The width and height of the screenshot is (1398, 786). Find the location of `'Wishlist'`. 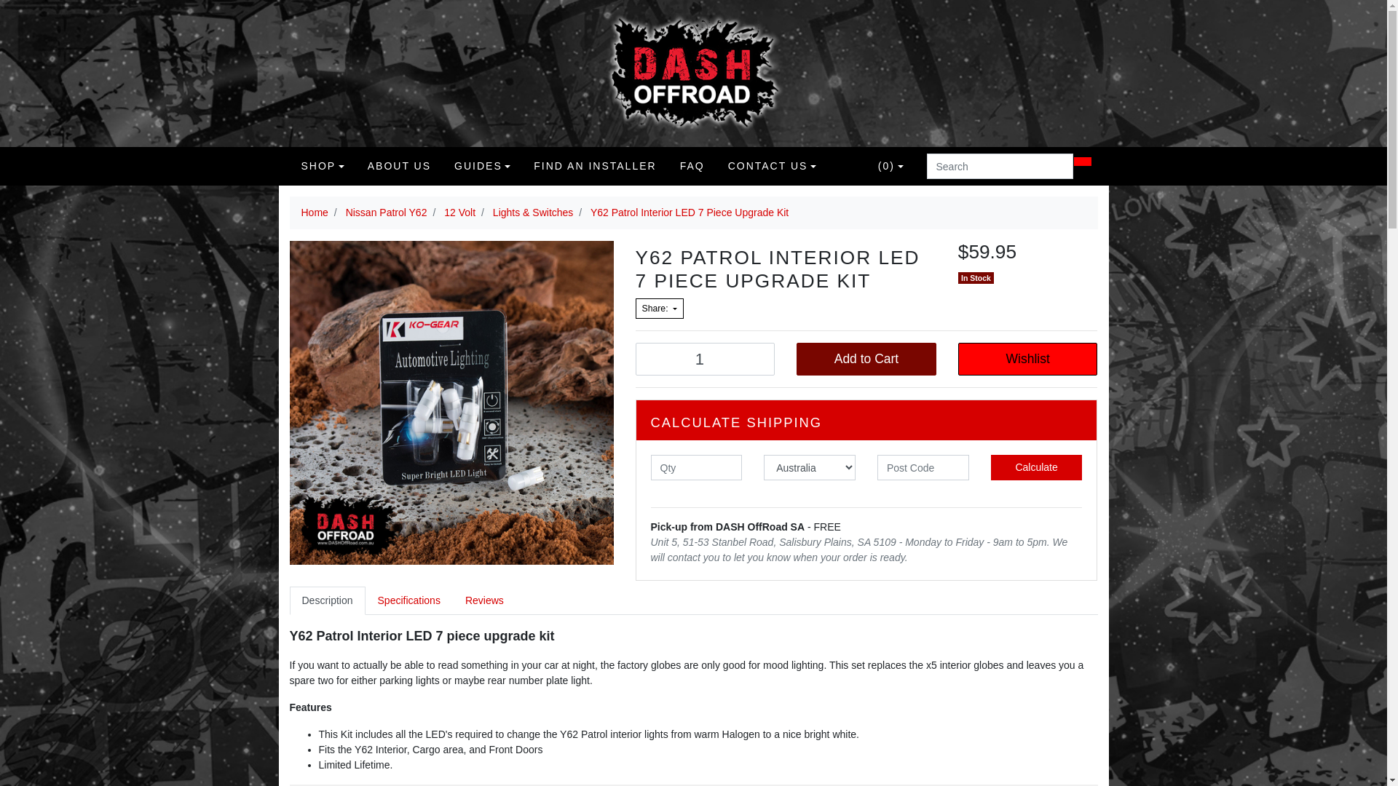

'Wishlist' is located at coordinates (1027, 359).